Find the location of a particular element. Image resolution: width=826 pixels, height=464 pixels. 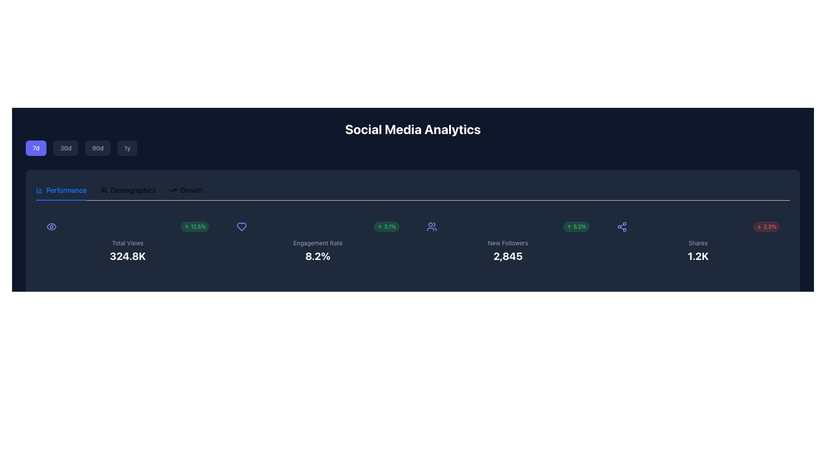

the text display showing the percentage value '8.2%' in bold on a dark background, located below the 'Engagement Rate' label is located at coordinates (317, 256).